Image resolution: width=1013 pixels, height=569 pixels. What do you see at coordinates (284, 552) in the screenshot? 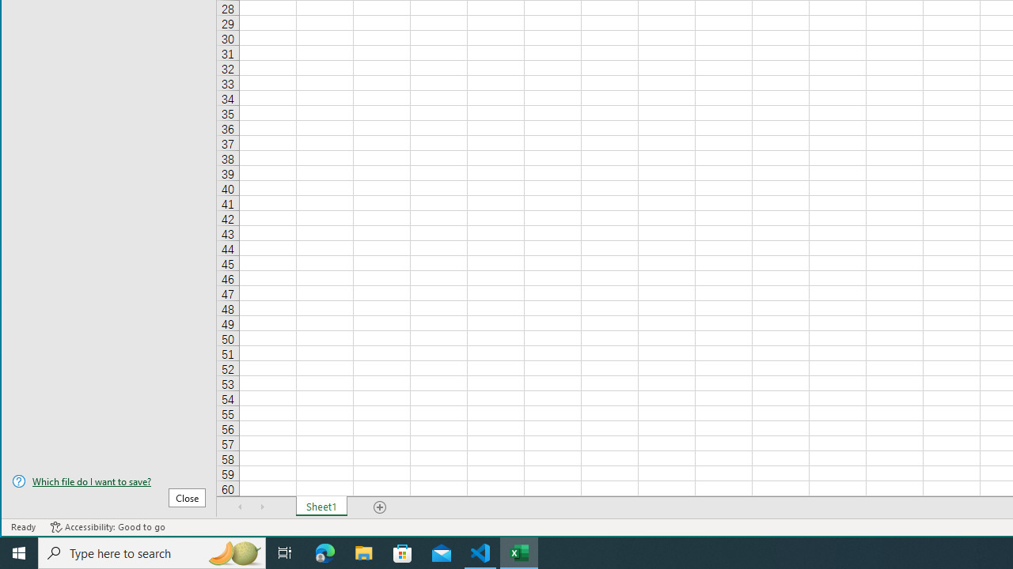
I see `'Task View'` at bounding box center [284, 552].